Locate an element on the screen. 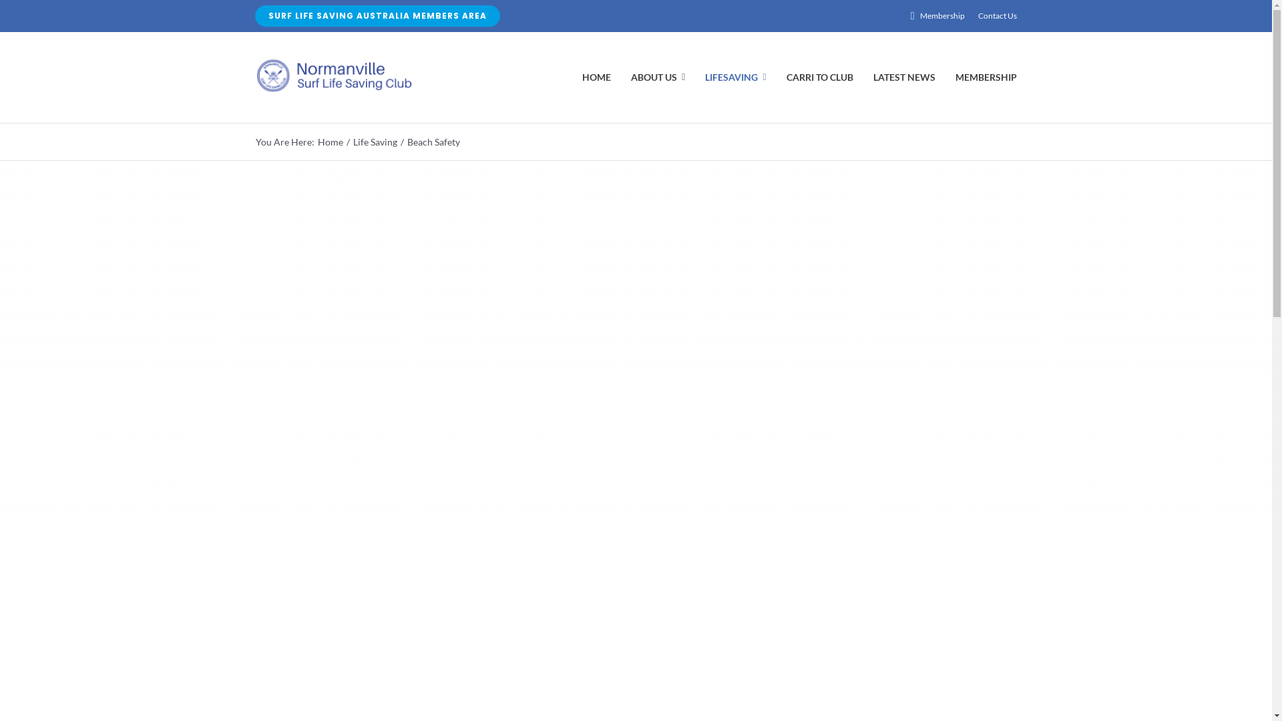  'SURF LIFE SAVING AUSTRALIA MEMBERS AREA' is located at coordinates (377, 15).